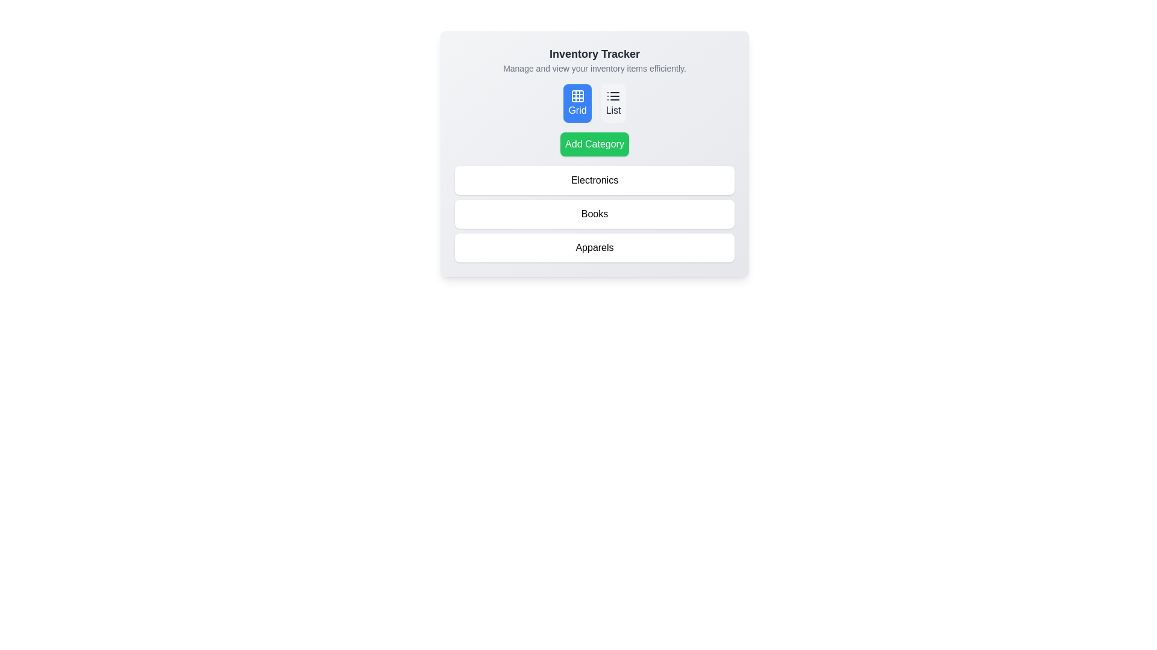 The height and width of the screenshot is (650, 1157). What do you see at coordinates (595, 143) in the screenshot?
I see `the green 'Add Category' button with rounded corners, located centrally below the 'Grid' and 'List' buttons` at bounding box center [595, 143].